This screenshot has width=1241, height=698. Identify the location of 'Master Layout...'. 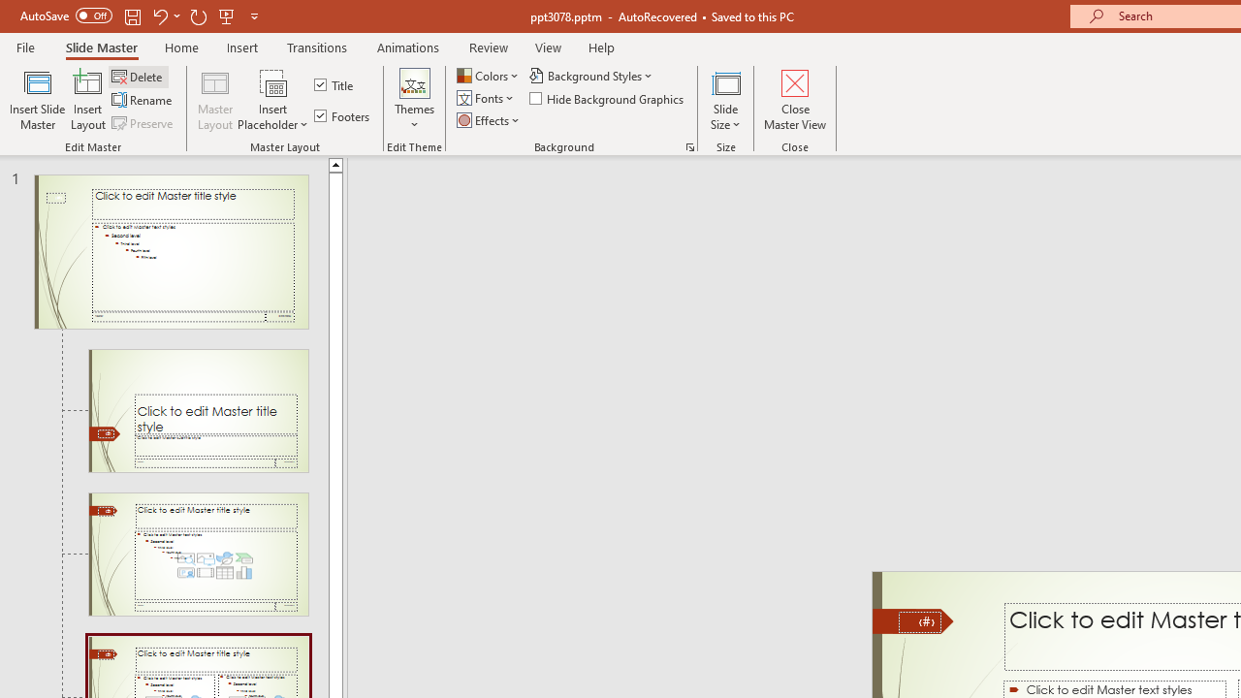
(215, 100).